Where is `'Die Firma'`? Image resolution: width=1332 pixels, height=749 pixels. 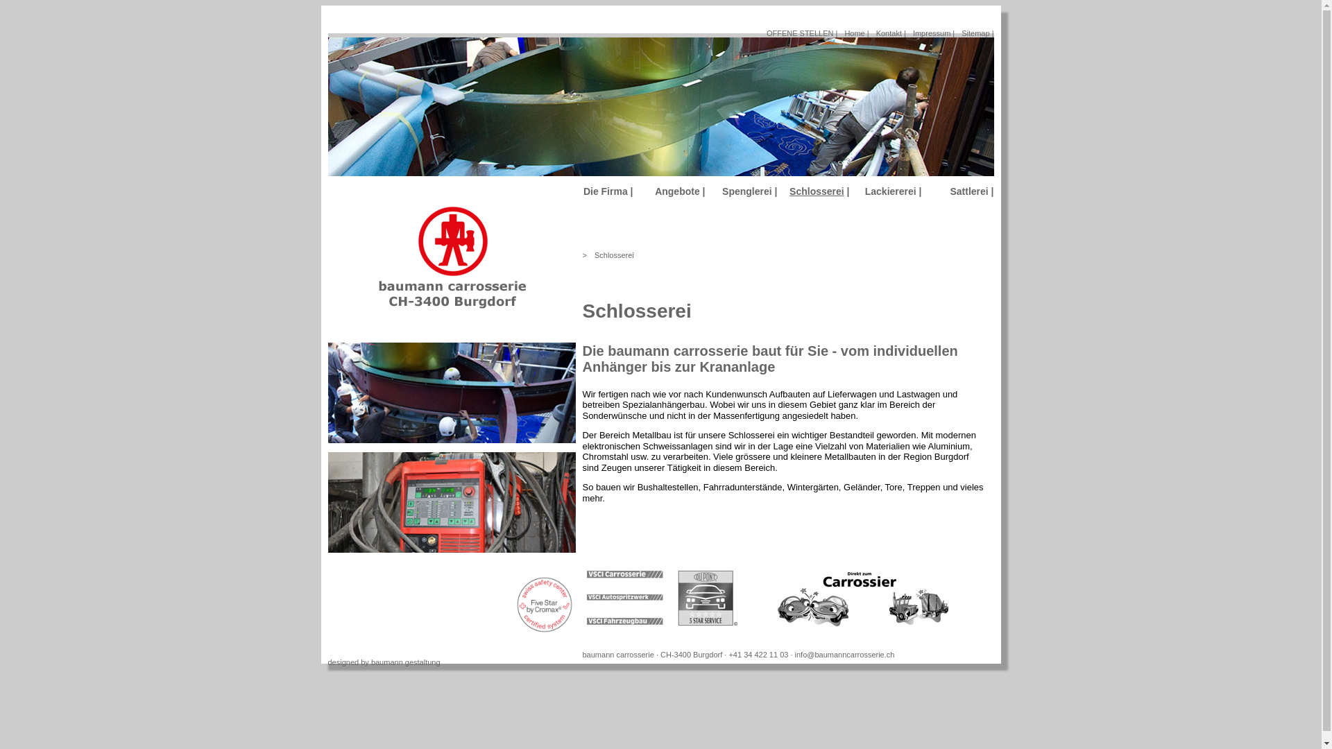 'Die Firma' is located at coordinates (606, 191).